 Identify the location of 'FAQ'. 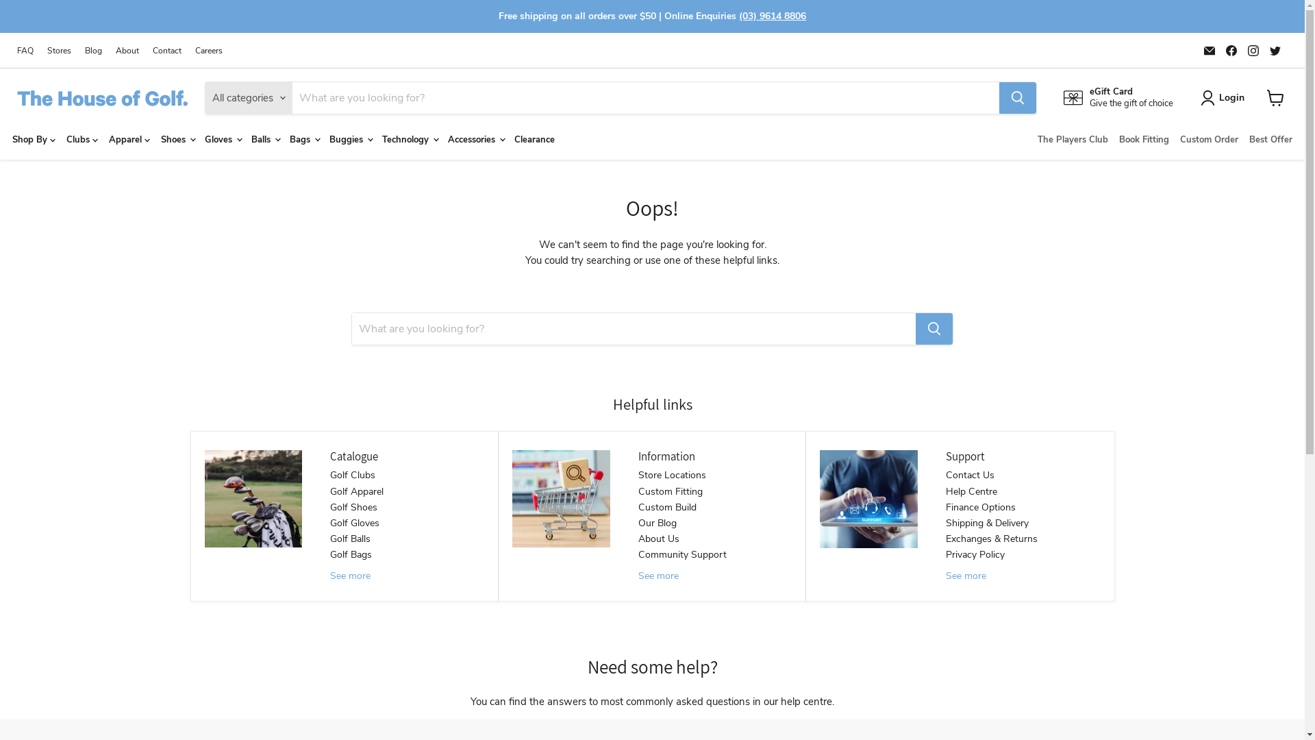
(25, 49).